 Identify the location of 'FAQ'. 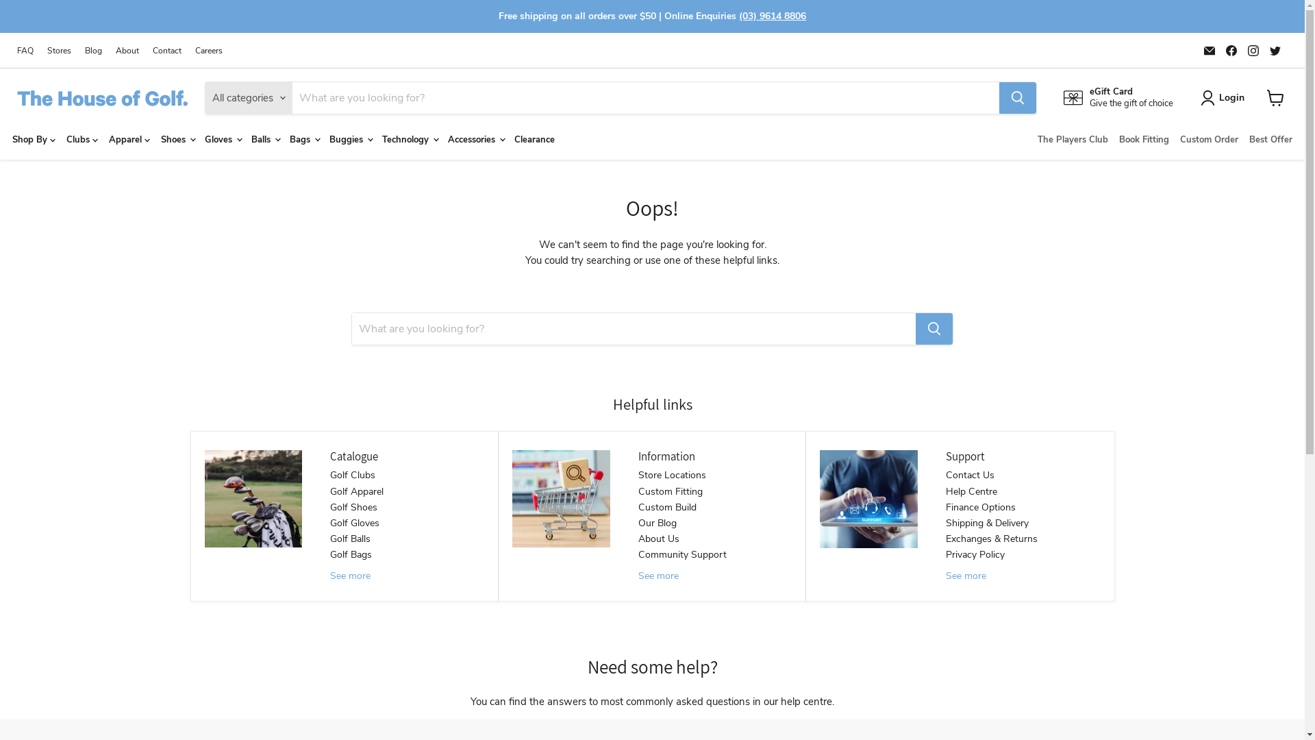
(25, 49).